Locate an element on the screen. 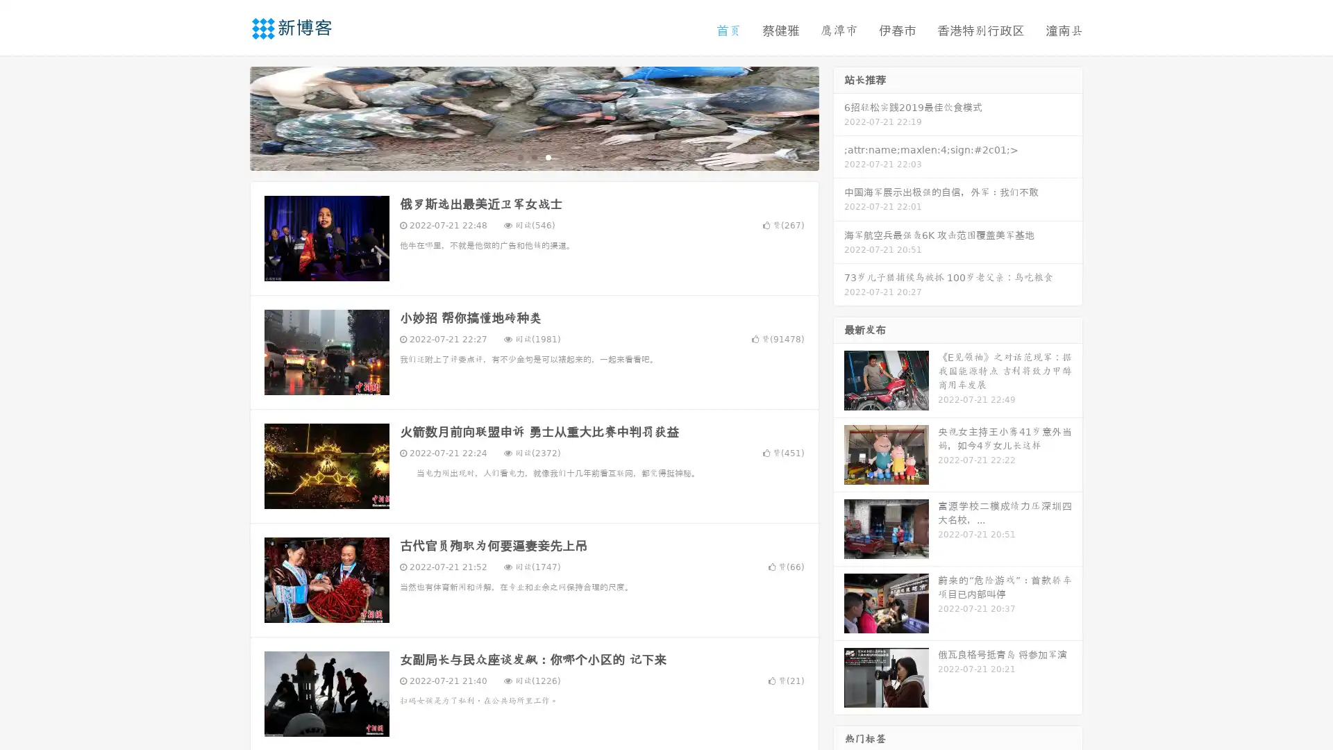 This screenshot has width=1333, height=750. Go to slide 1 is located at coordinates (519, 156).